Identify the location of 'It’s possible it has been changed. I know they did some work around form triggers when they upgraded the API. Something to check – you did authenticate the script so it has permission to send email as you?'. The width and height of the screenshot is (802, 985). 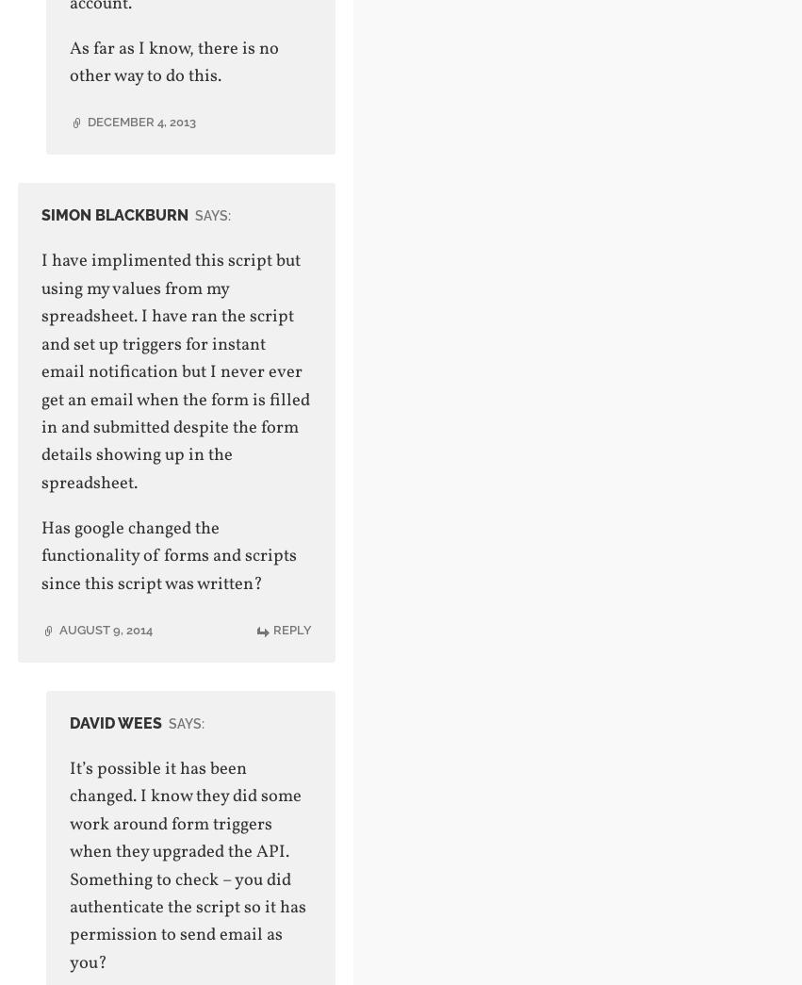
(69, 865).